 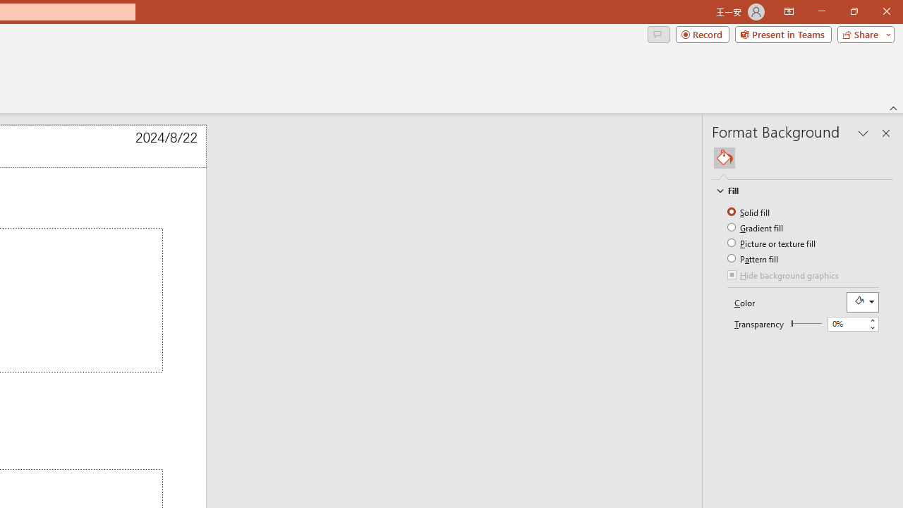 What do you see at coordinates (852, 324) in the screenshot?
I see `'Transparency'` at bounding box center [852, 324].